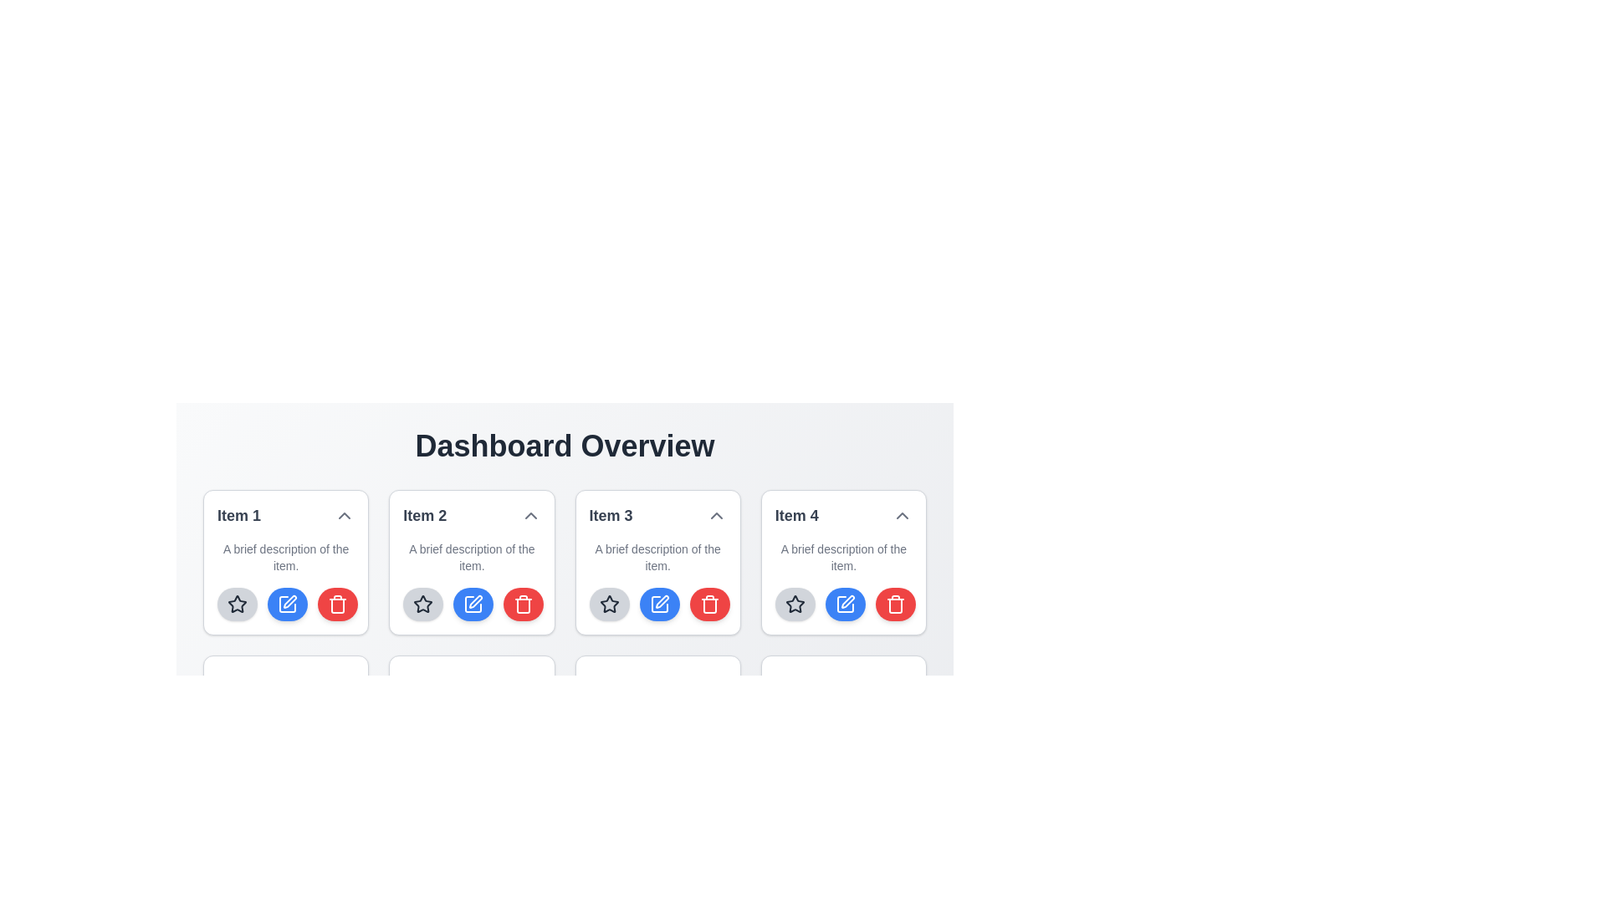  What do you see at coordinates (423, 604) in the screenshot?
I see `the star-shaped icon button with a gray background located under 'Item 2'` at bounding box center [423, 604].